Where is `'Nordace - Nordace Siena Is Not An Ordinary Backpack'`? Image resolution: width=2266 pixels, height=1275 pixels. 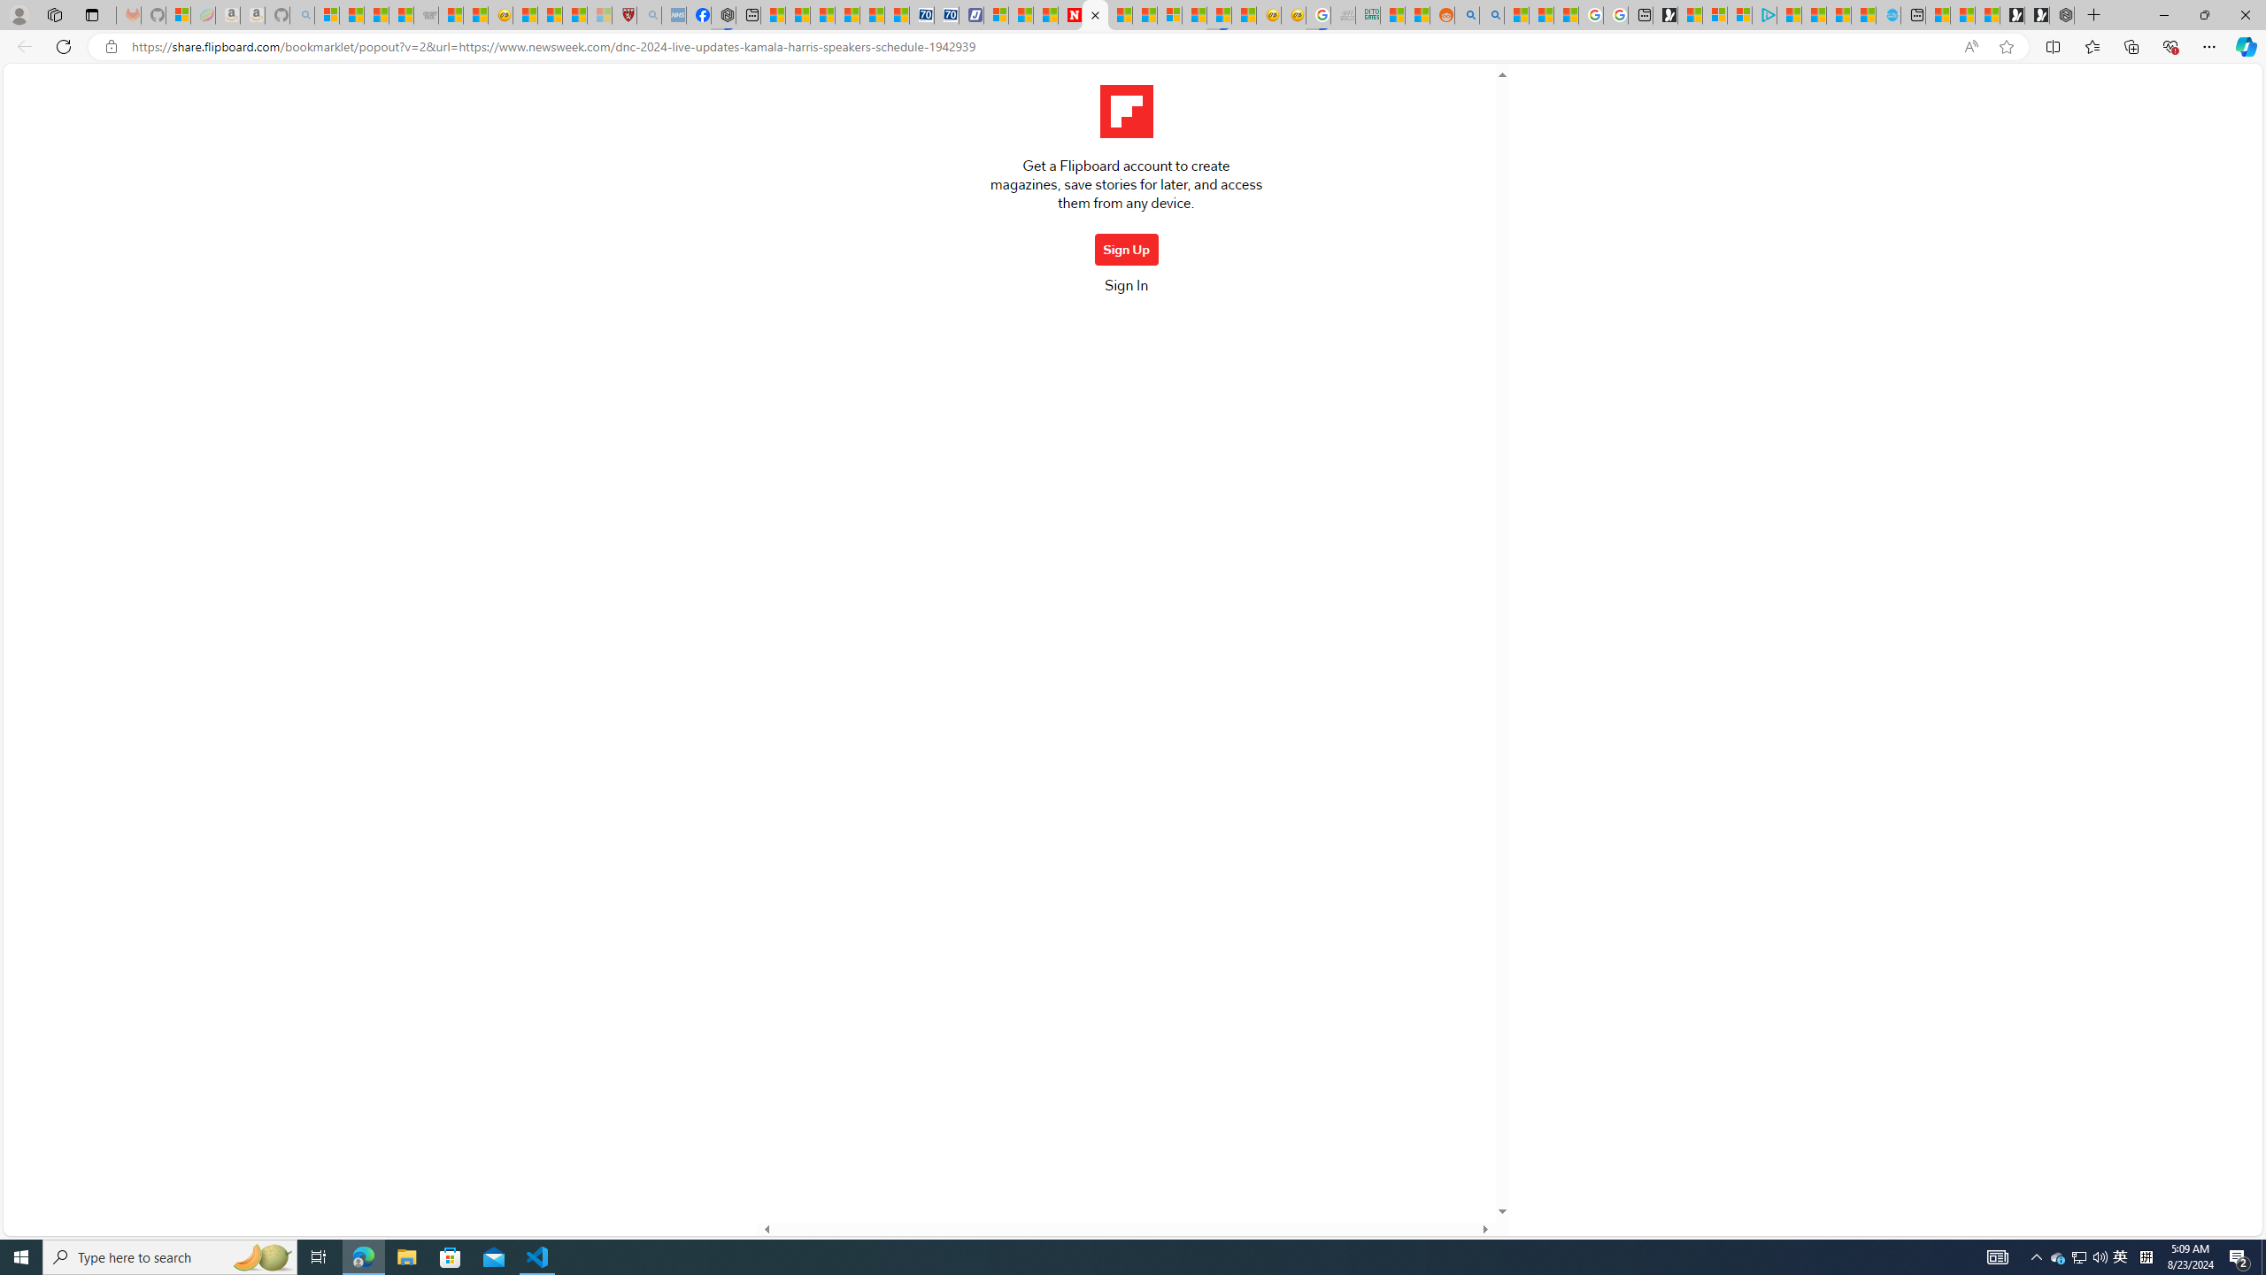
'Nordace - Nordace Siena Is Not An Ordinary Backpack' is located at coordinates (2061, 14).